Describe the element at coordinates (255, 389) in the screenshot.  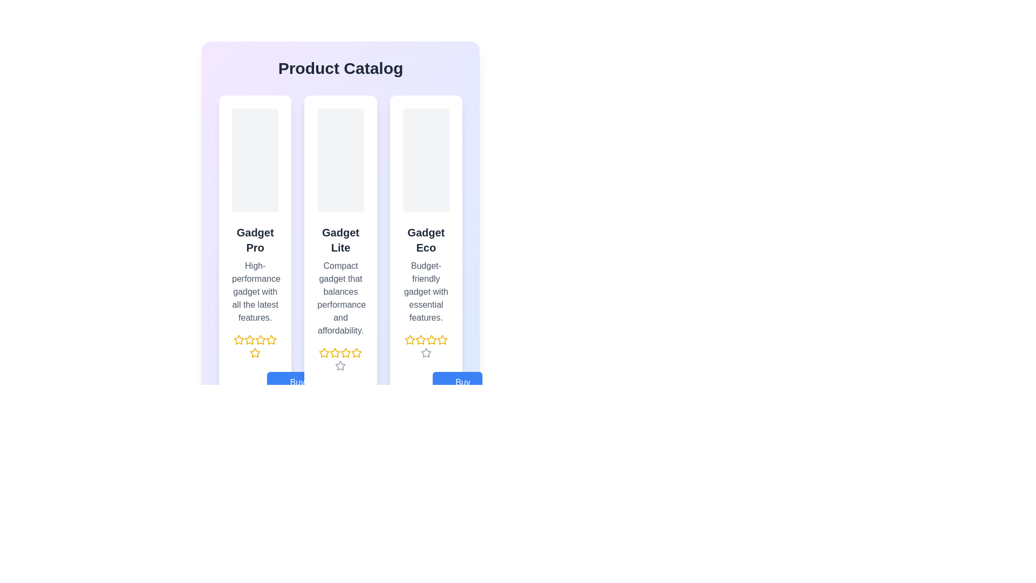
I see `the 'Buy Now' button with a price value of '$199.99' located at the bottom center of the 'Gadget Pro' product card to initiate a purchase` at that location.